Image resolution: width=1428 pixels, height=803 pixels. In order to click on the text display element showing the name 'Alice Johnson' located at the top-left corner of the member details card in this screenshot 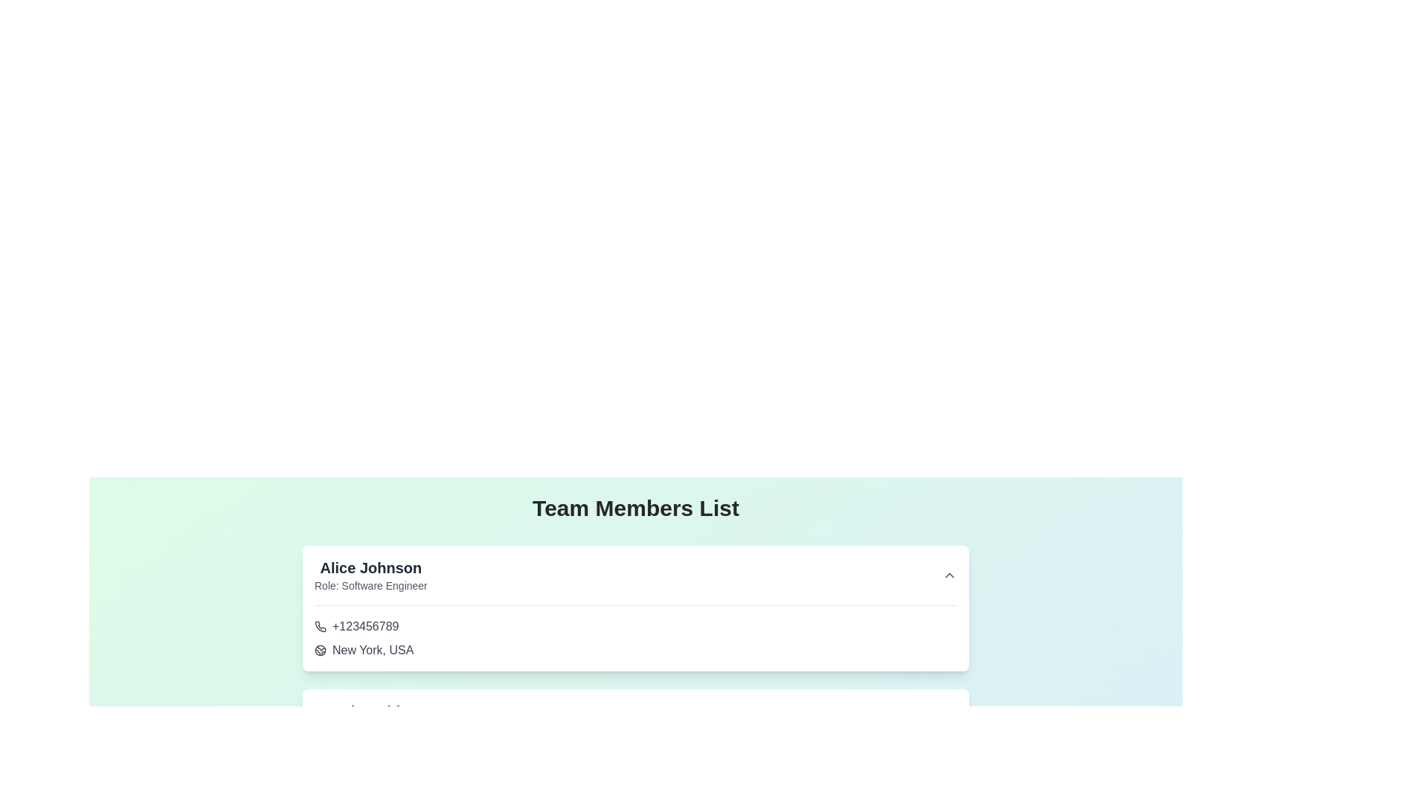, I will do `click(370, 567)`.